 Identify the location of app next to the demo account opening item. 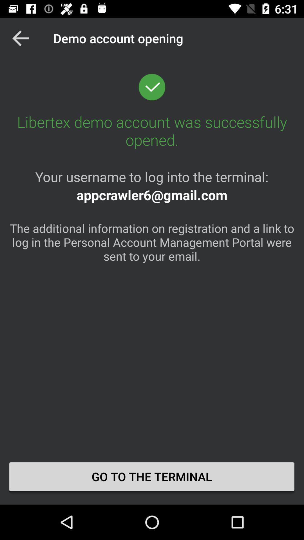
(20, 38).